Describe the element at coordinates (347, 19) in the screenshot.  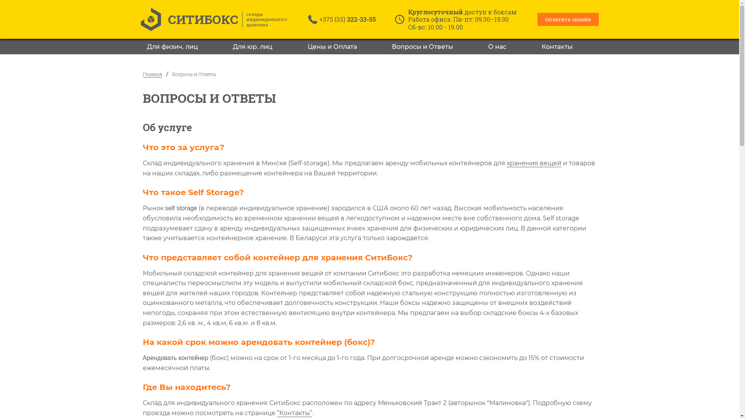
I see `'+375 (33) 322-33-55'` at that location.